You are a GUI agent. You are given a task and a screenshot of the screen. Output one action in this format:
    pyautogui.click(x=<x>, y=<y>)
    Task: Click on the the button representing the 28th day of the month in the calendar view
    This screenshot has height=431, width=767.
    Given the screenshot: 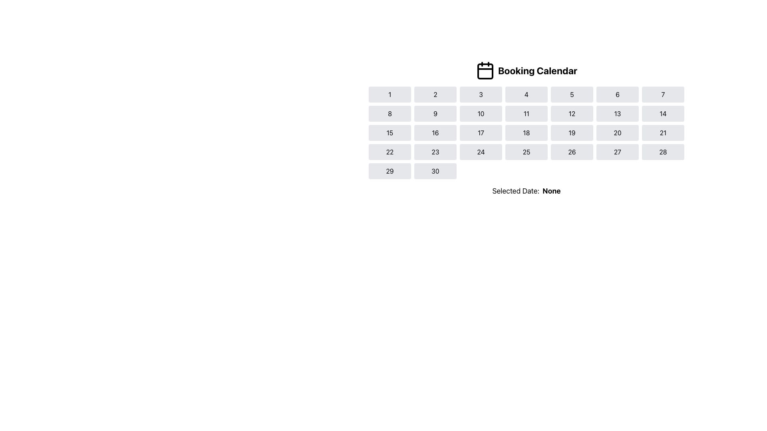 What is the action you would take?
    pyautogui.click(x=663, y=152)
    